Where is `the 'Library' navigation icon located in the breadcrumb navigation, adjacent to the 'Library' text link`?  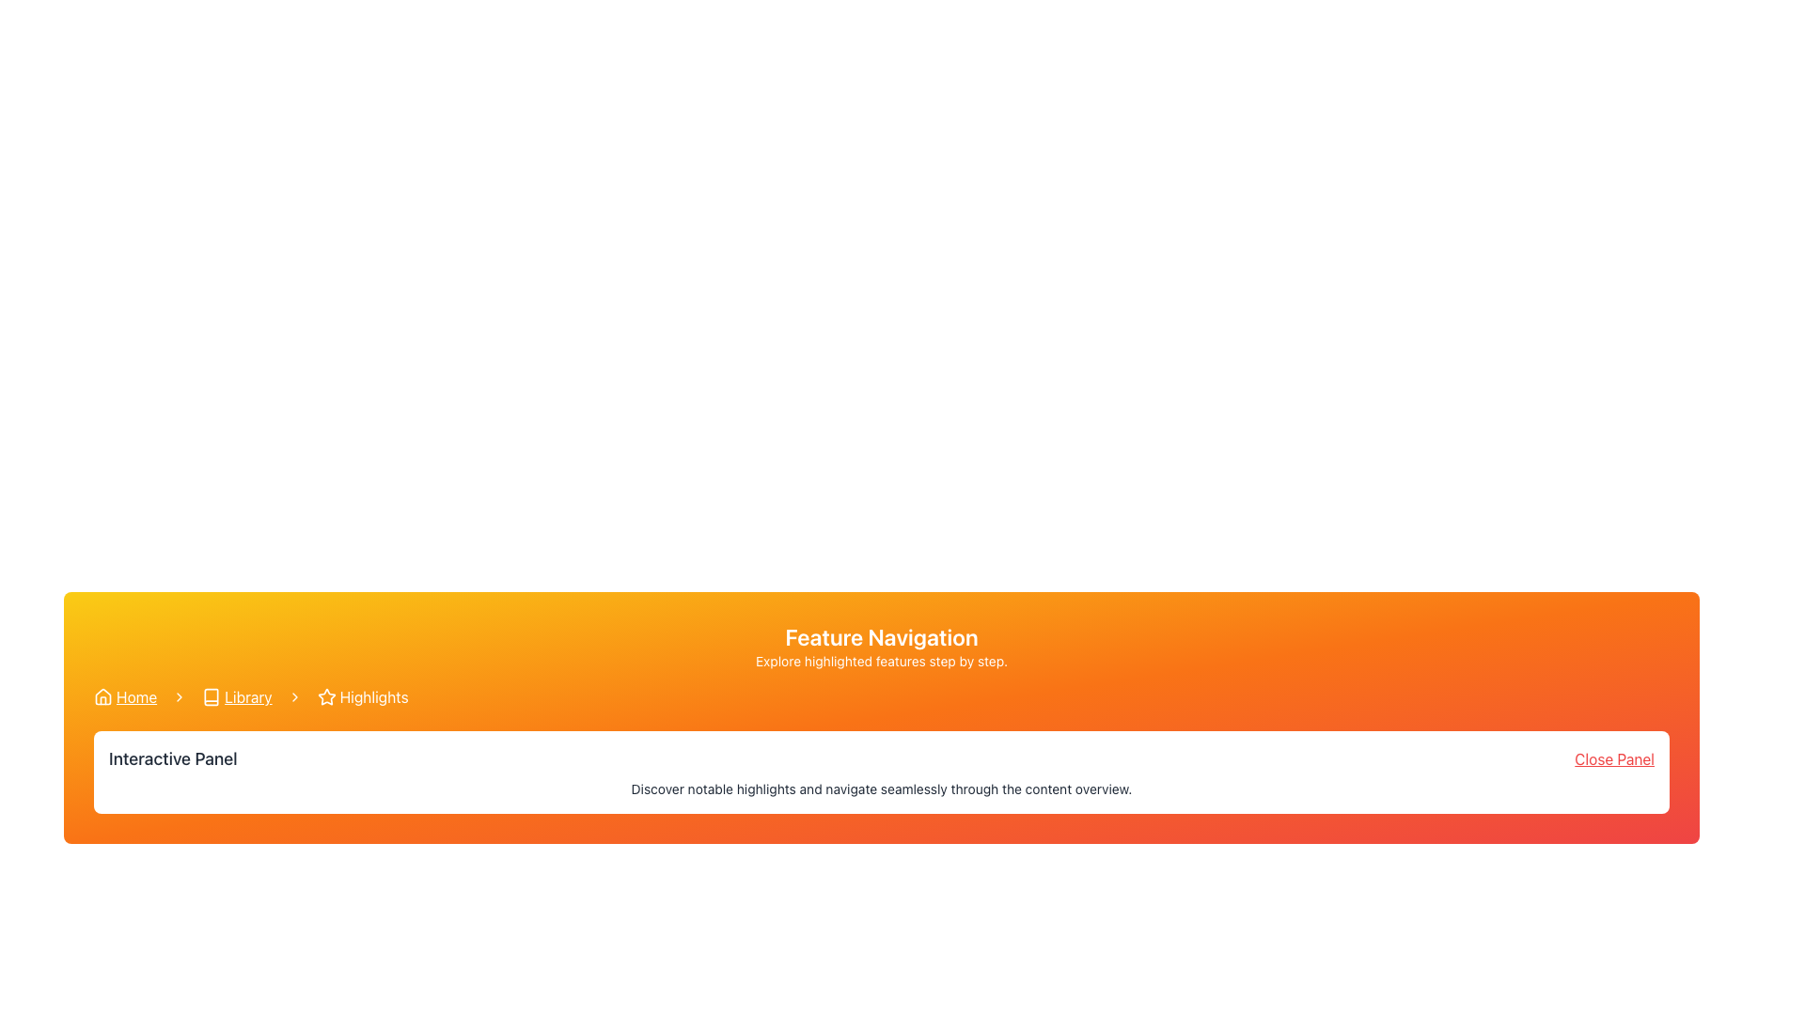 the 'Library' navigation icon located in the breadcrumb navigation, adjacent to the 'Library' text link is located at coordinates (212, 696).